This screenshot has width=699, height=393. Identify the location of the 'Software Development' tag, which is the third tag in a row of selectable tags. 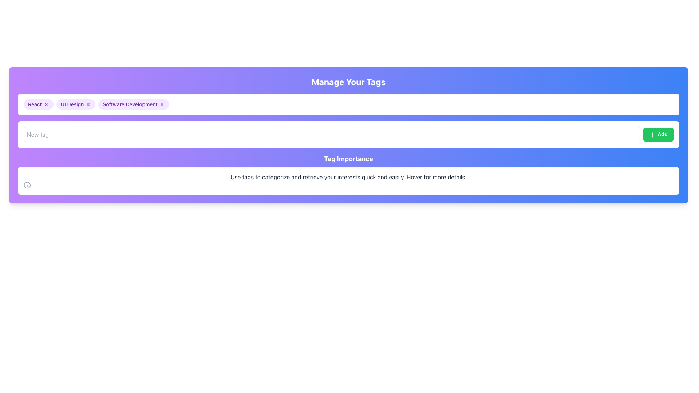
(134, 104).